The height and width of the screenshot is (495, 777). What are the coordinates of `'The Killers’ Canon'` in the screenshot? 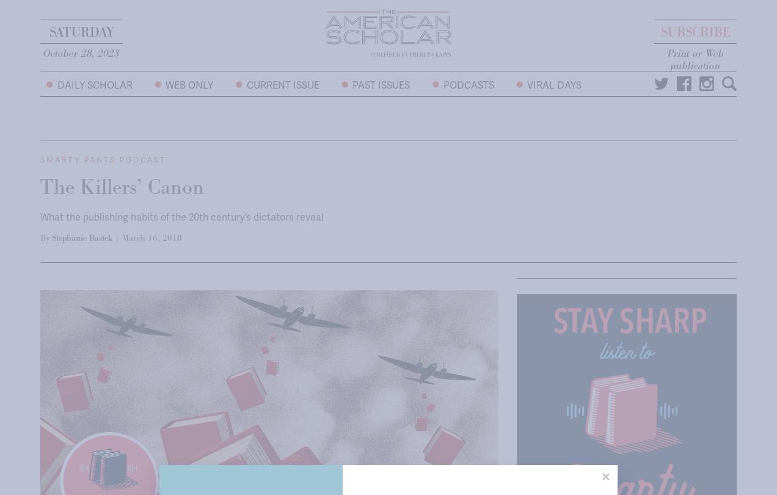 It's located at (122, 186).